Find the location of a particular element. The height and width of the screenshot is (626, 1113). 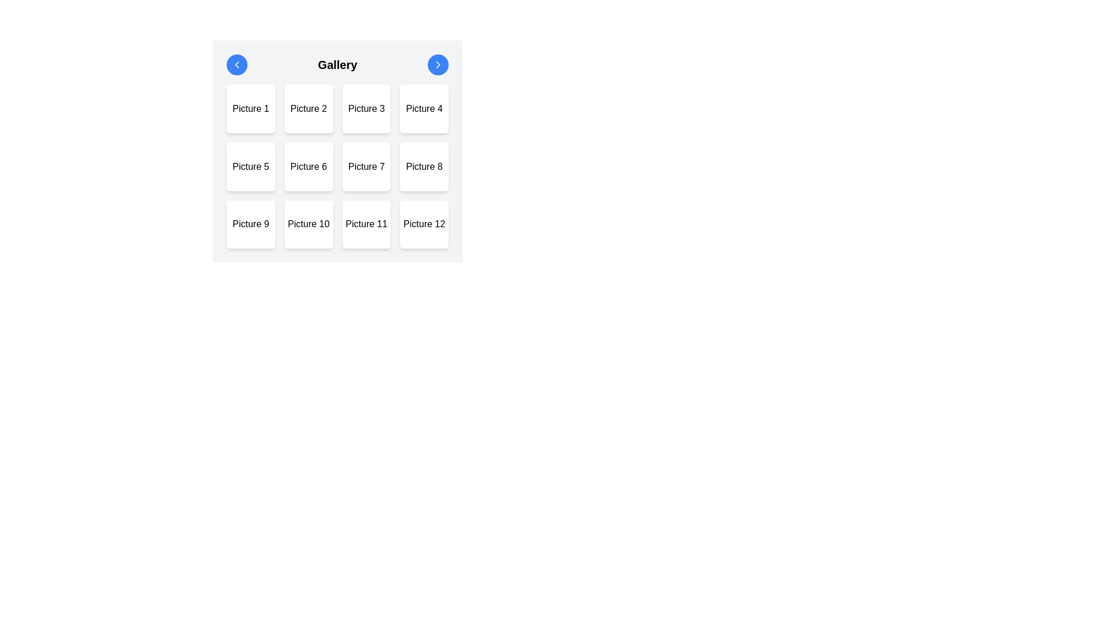

the third item in the second row of a 4x3 grid layout is located at coordinates (366, 166).